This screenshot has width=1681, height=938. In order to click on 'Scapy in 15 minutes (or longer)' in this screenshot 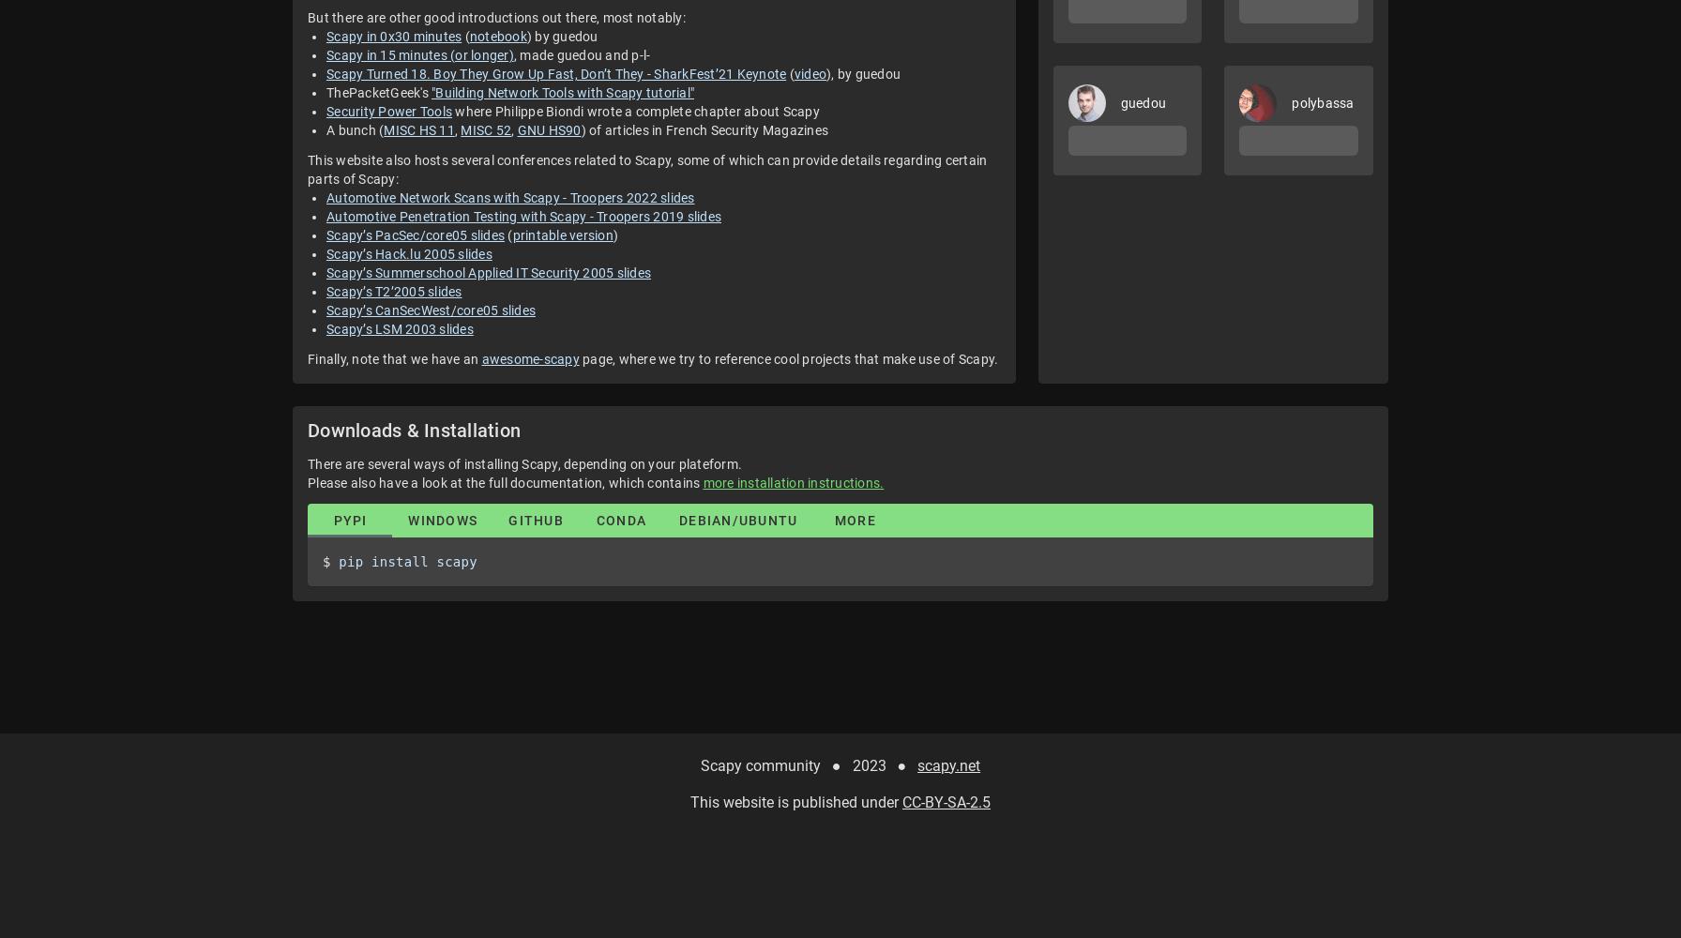, I will do `click(419, 55)`.